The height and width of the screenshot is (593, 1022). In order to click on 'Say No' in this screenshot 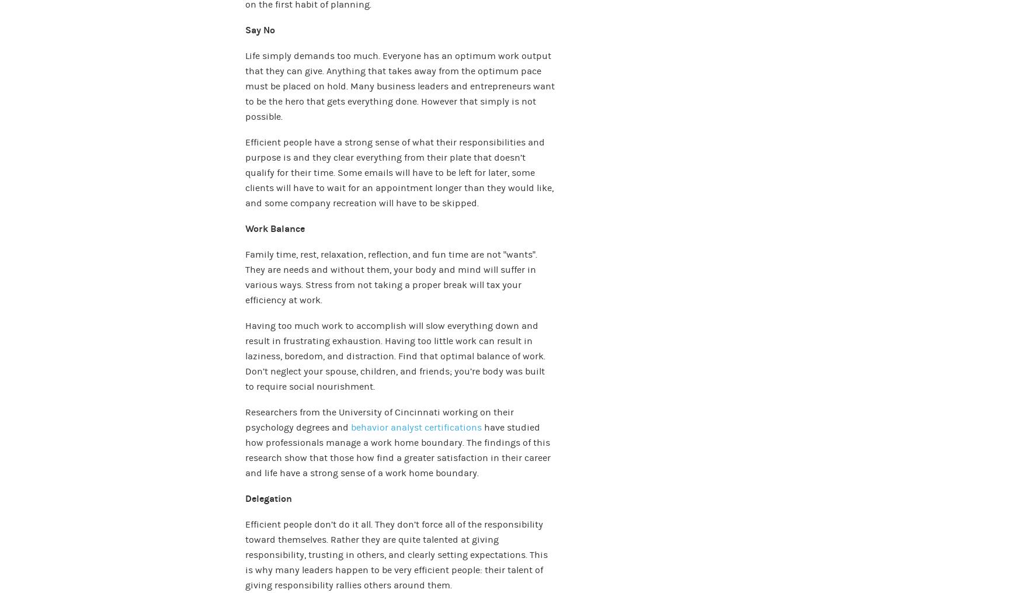, I will do `click(245, 29)`.